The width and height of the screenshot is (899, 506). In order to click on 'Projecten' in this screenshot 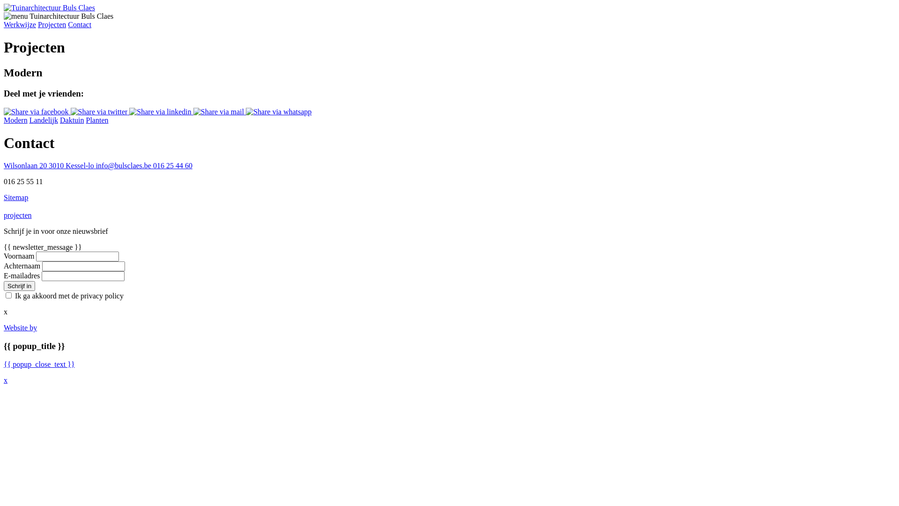, I will do `click(51, 24)`.